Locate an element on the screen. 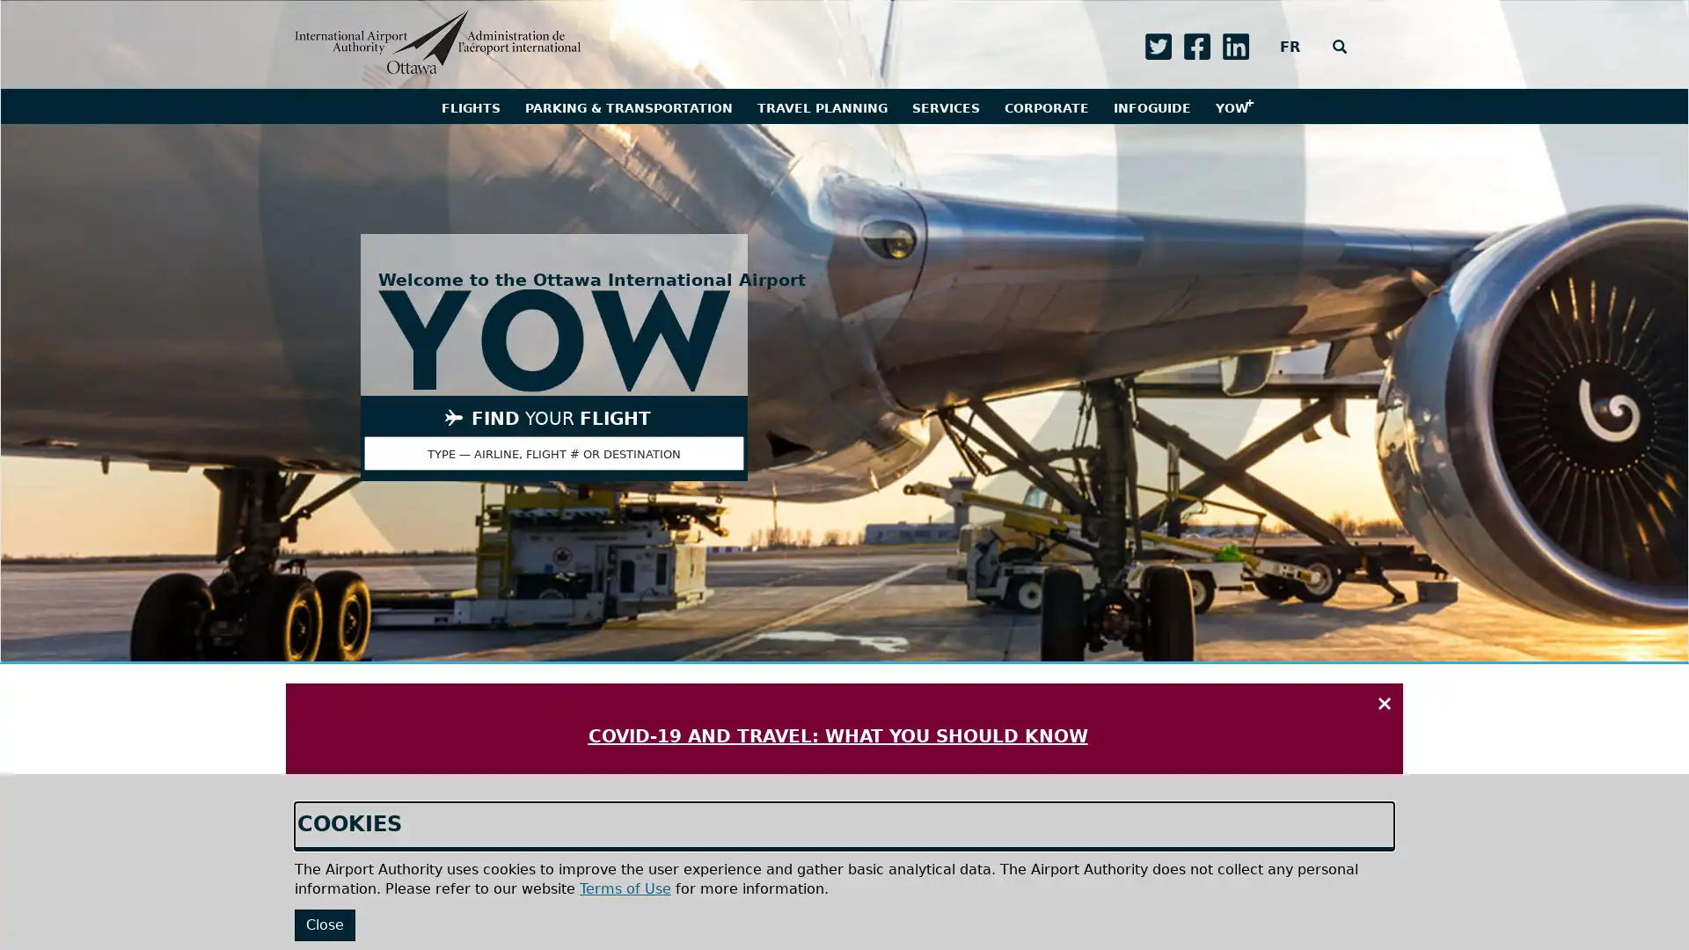 The image size is (1689, 950). Show Corporate Sub Menu is located at coordinates (1046, 106).